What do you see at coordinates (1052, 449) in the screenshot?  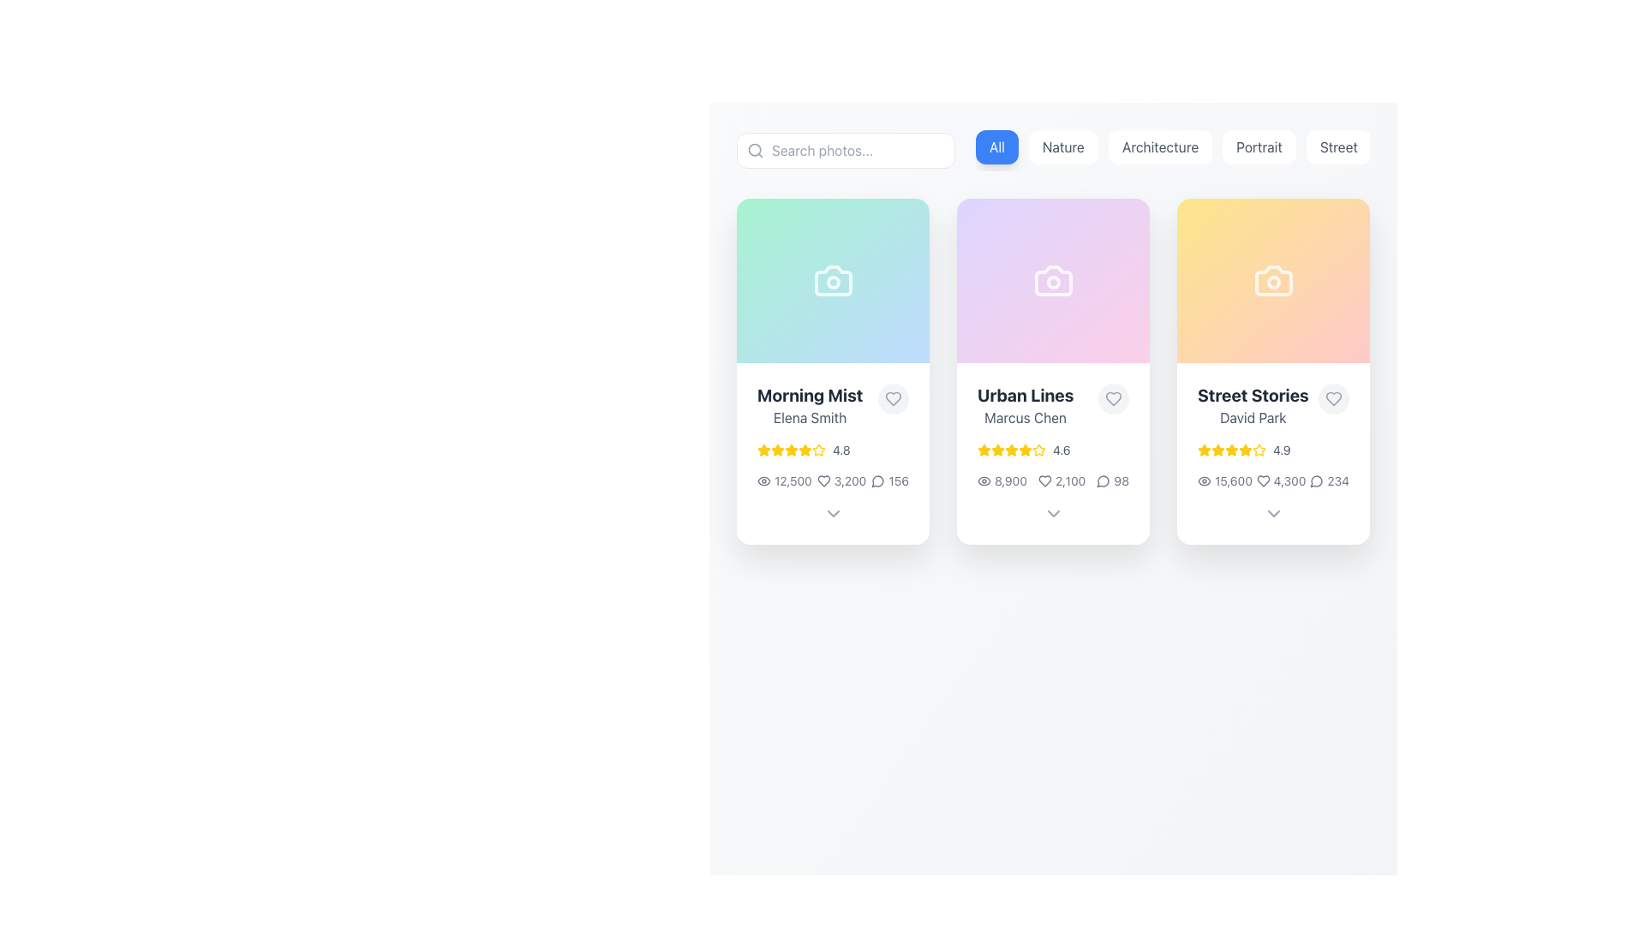 I see `the Rating Display Component that visually conveys a score of 4.6, located within the 'Urban Lines' card, near the top center of the interface` at bounding box center [1052, 449].